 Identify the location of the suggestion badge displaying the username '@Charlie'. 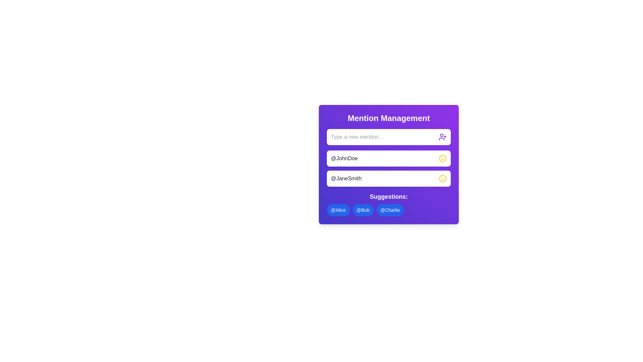
(389, 210).